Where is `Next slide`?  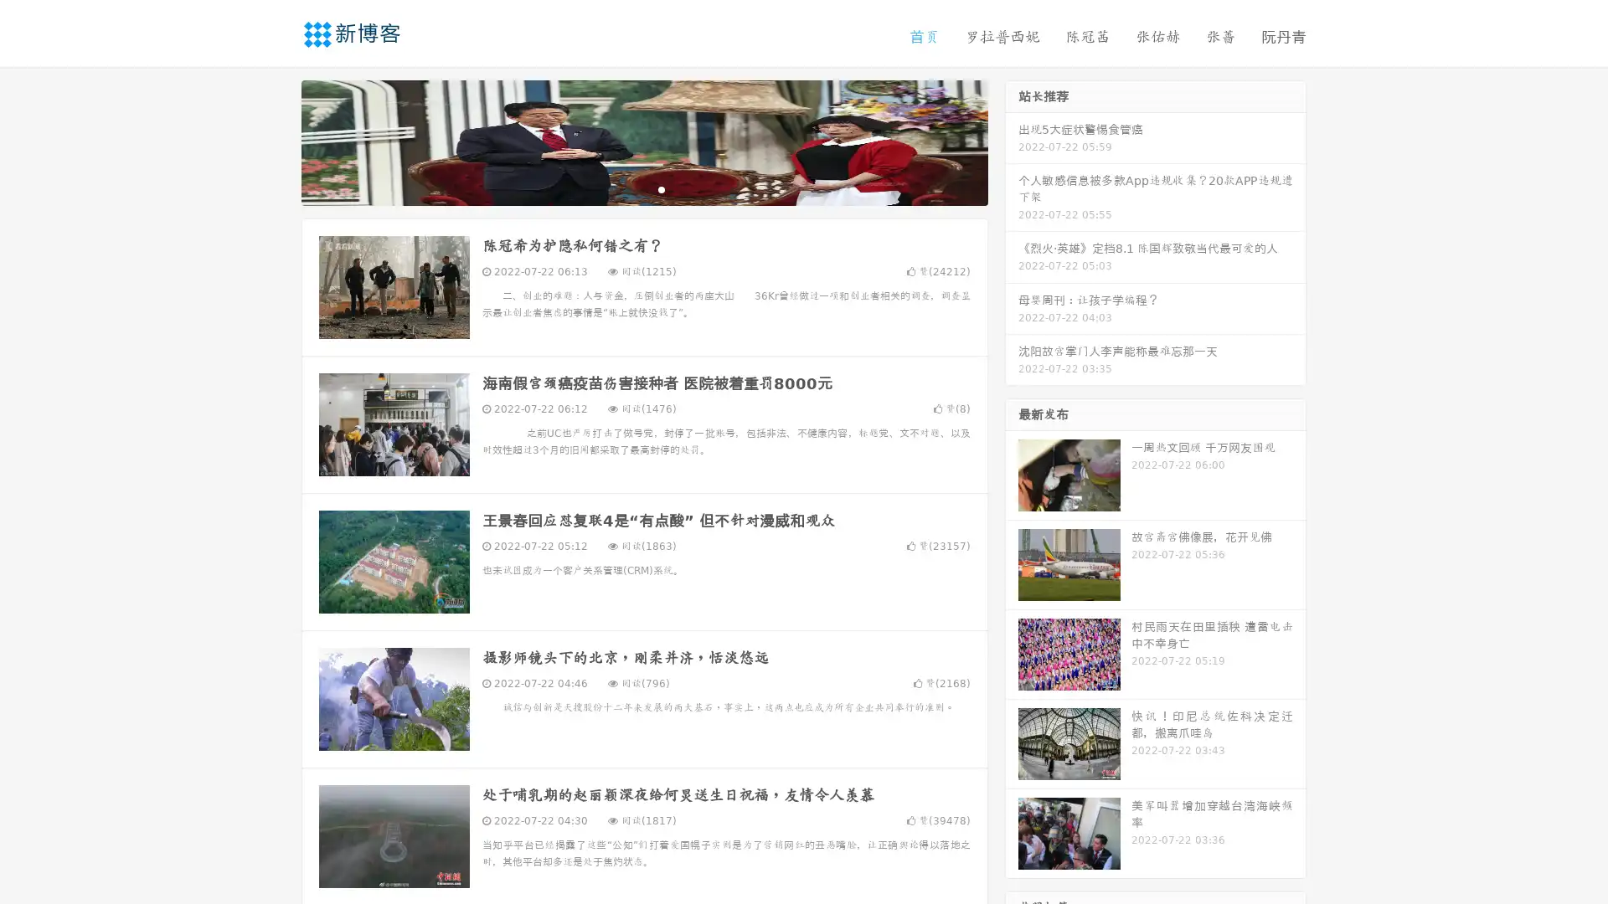
Next slide is located at coordinates (1012, 141).